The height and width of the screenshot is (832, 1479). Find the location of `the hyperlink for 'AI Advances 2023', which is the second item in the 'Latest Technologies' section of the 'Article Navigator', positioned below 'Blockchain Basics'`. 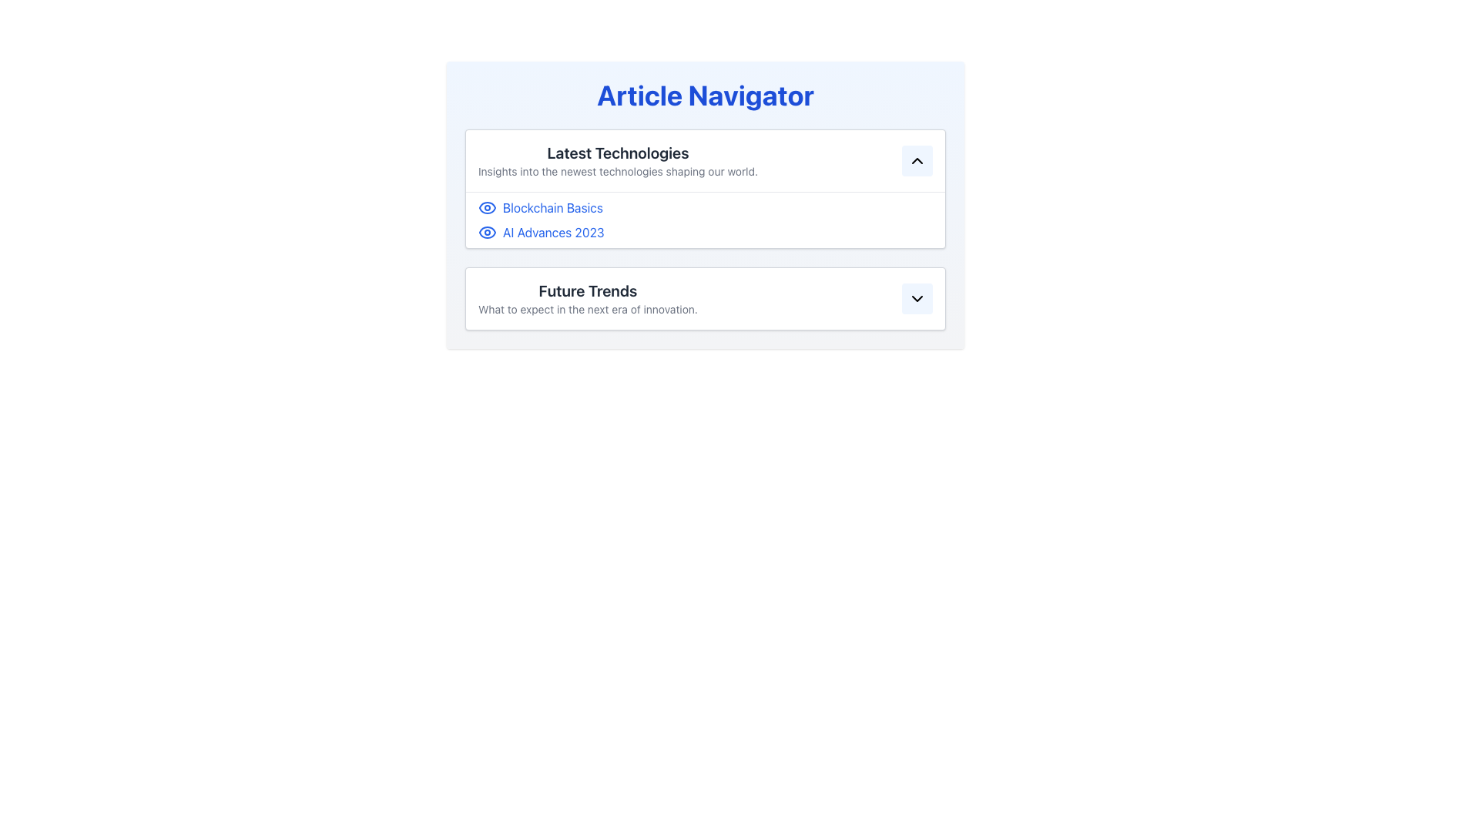

the hyperlink for 'AI Advances 2023', which is the second item in the 'Latest Technologies' section of the 'Article Navigator', positioned below 'Blockchain Basics' is located at coordinates (705, 232).